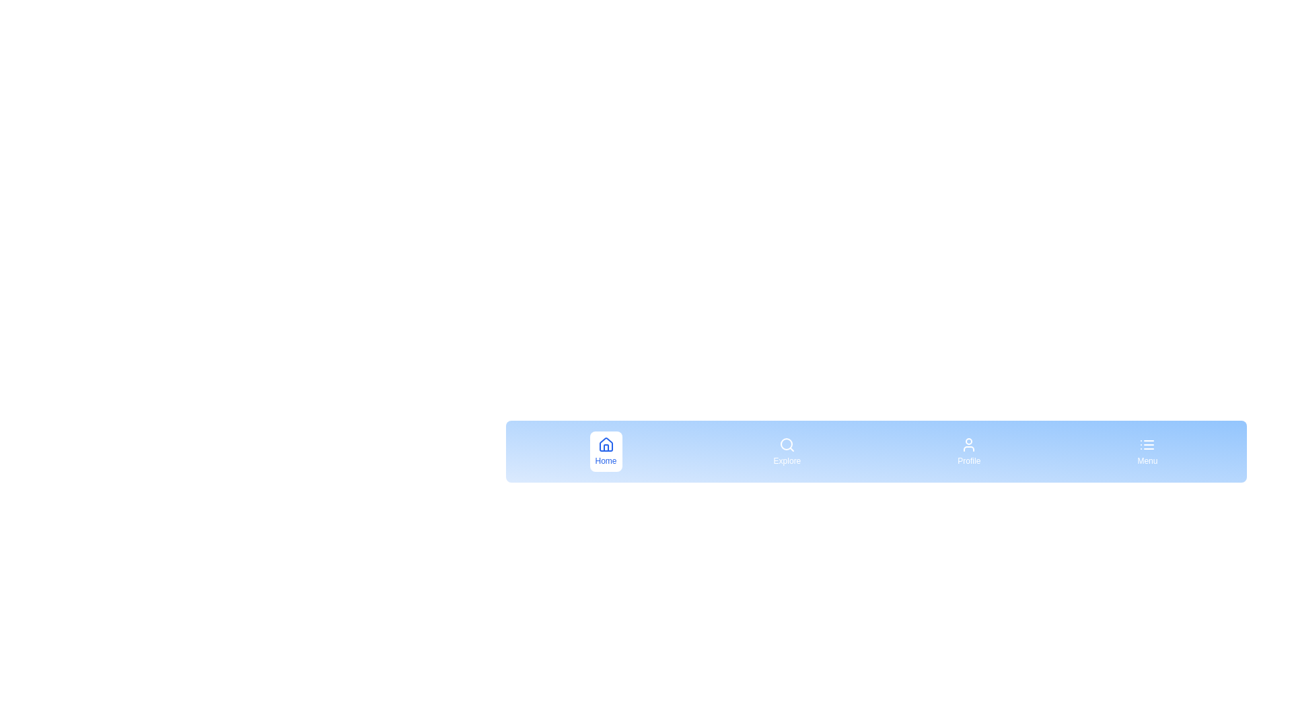 The image size is (1292, 727). I want to click on the menu item labeled Profile, so click(969, 452).